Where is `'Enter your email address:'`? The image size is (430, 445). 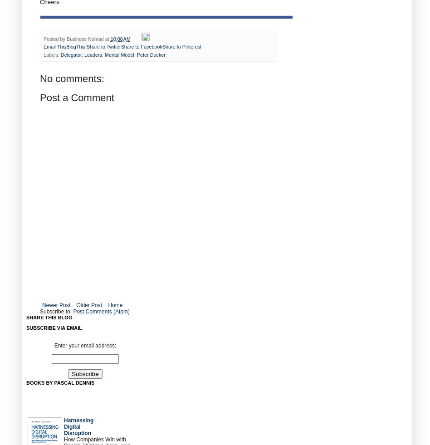
'Enter your email address:' is located at coordinates (84, 346).